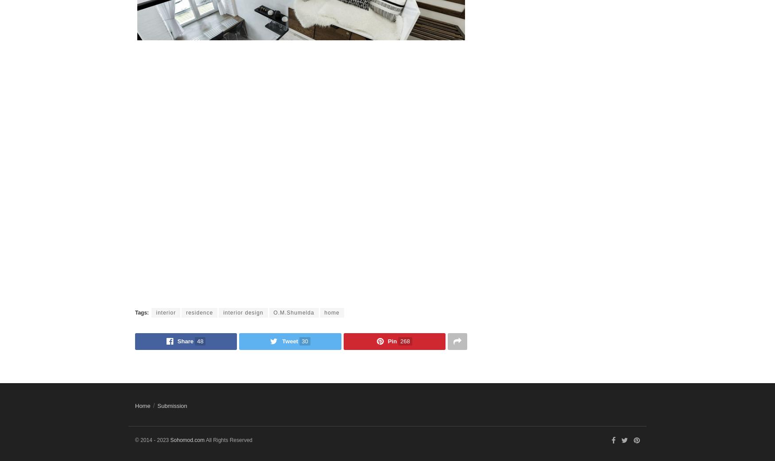 The image size is (775, 461). Describe the element at coordinates (199, 311) in the screenshot. I see `'residence'` at that location.